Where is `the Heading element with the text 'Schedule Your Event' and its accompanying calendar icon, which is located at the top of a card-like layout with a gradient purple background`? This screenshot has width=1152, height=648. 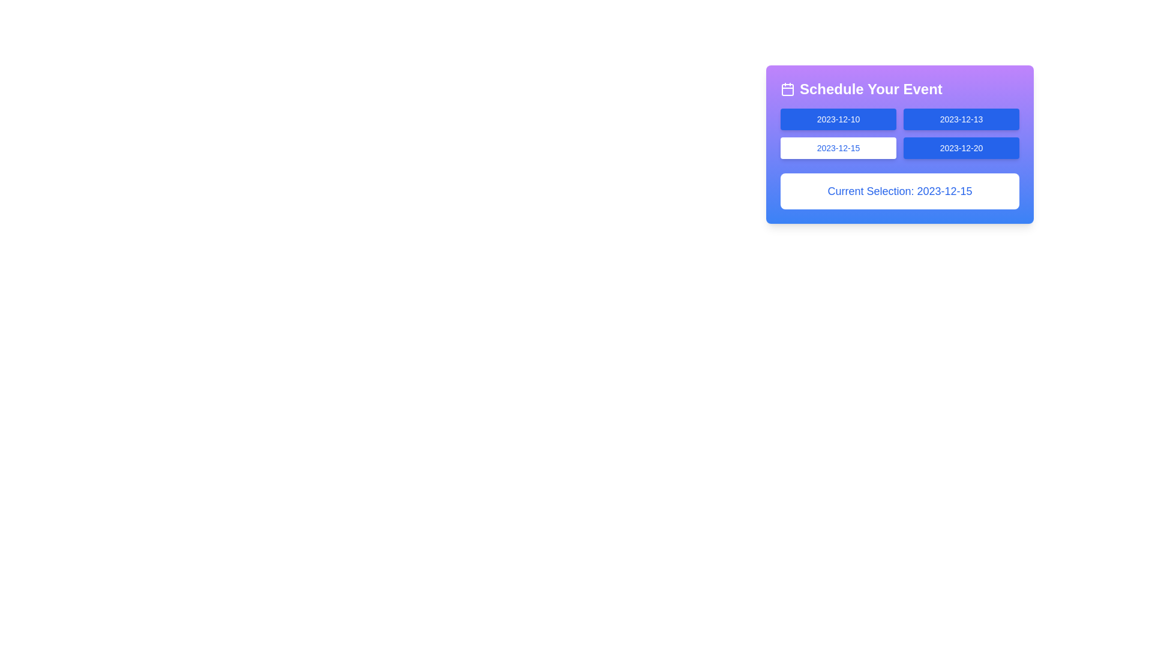
the Heading element with the text 'Schedule Your Event' and its accompanying calendar icon, which is located at the top of a card-like layout with a gradient purple background is located at coordinates (899, 89).